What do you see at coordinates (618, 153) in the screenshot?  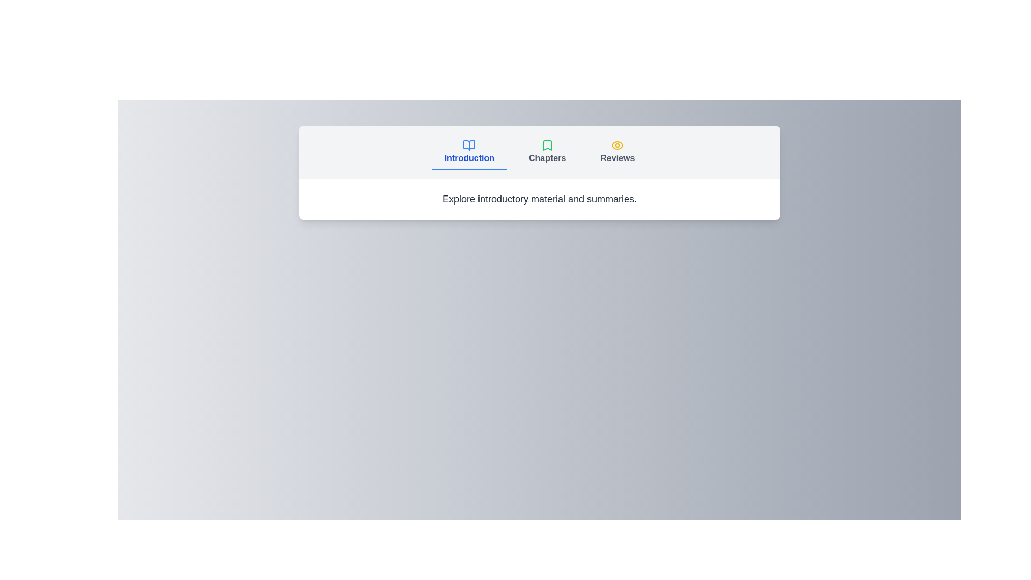 I see `the Reviews tab by clicking its associated button` at bounding box center [618, 153].